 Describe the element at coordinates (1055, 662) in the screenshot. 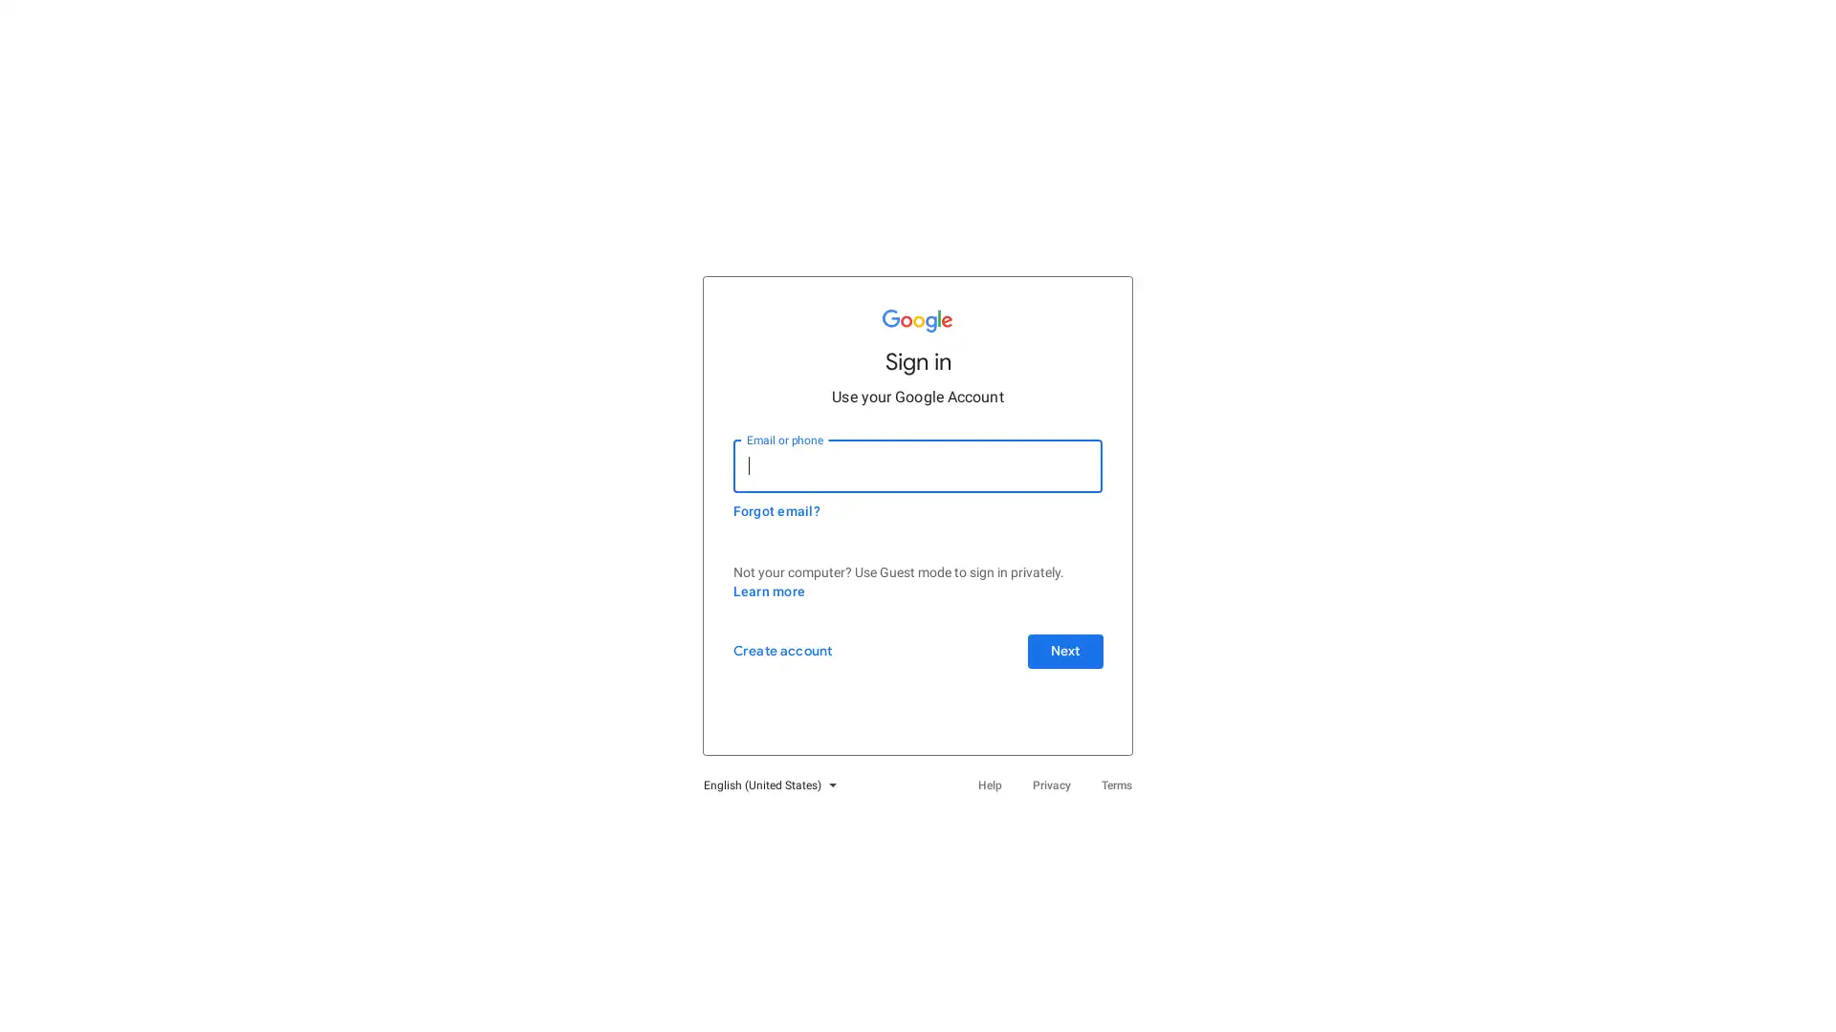

I see `Next` at that location.